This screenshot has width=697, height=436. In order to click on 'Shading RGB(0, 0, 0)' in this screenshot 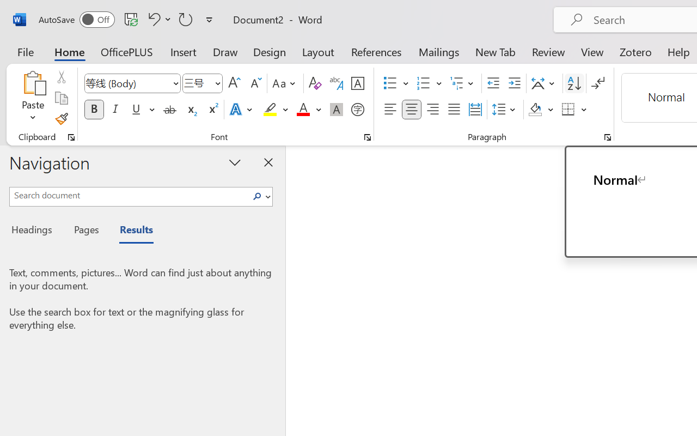, I will do `click(535, 110)`.